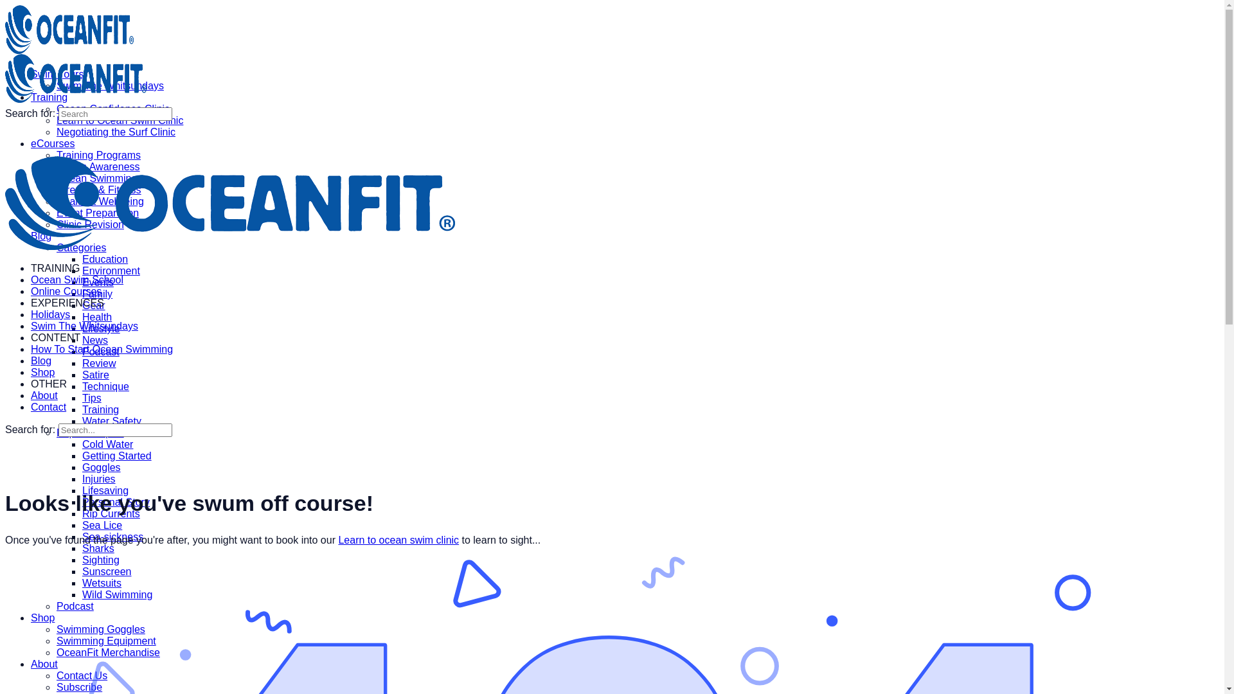 The image size is (1234, 694). What do you see at coordinates (101, 467) in the screenshot?
I see `'Goggles'` at bounding box center [101, 467].